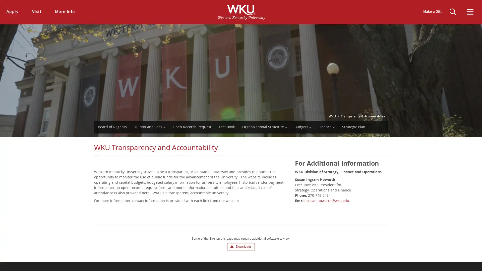 The width and height of the screenshot is (482, 271). I want to click on Downloads, so click(240, 246).